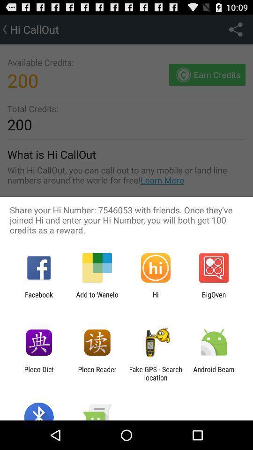 The image size is (253, 450). Describe the element at coordinates (97, 373) in the screenshot. I see `the app to the right of pleco dict` at that location.